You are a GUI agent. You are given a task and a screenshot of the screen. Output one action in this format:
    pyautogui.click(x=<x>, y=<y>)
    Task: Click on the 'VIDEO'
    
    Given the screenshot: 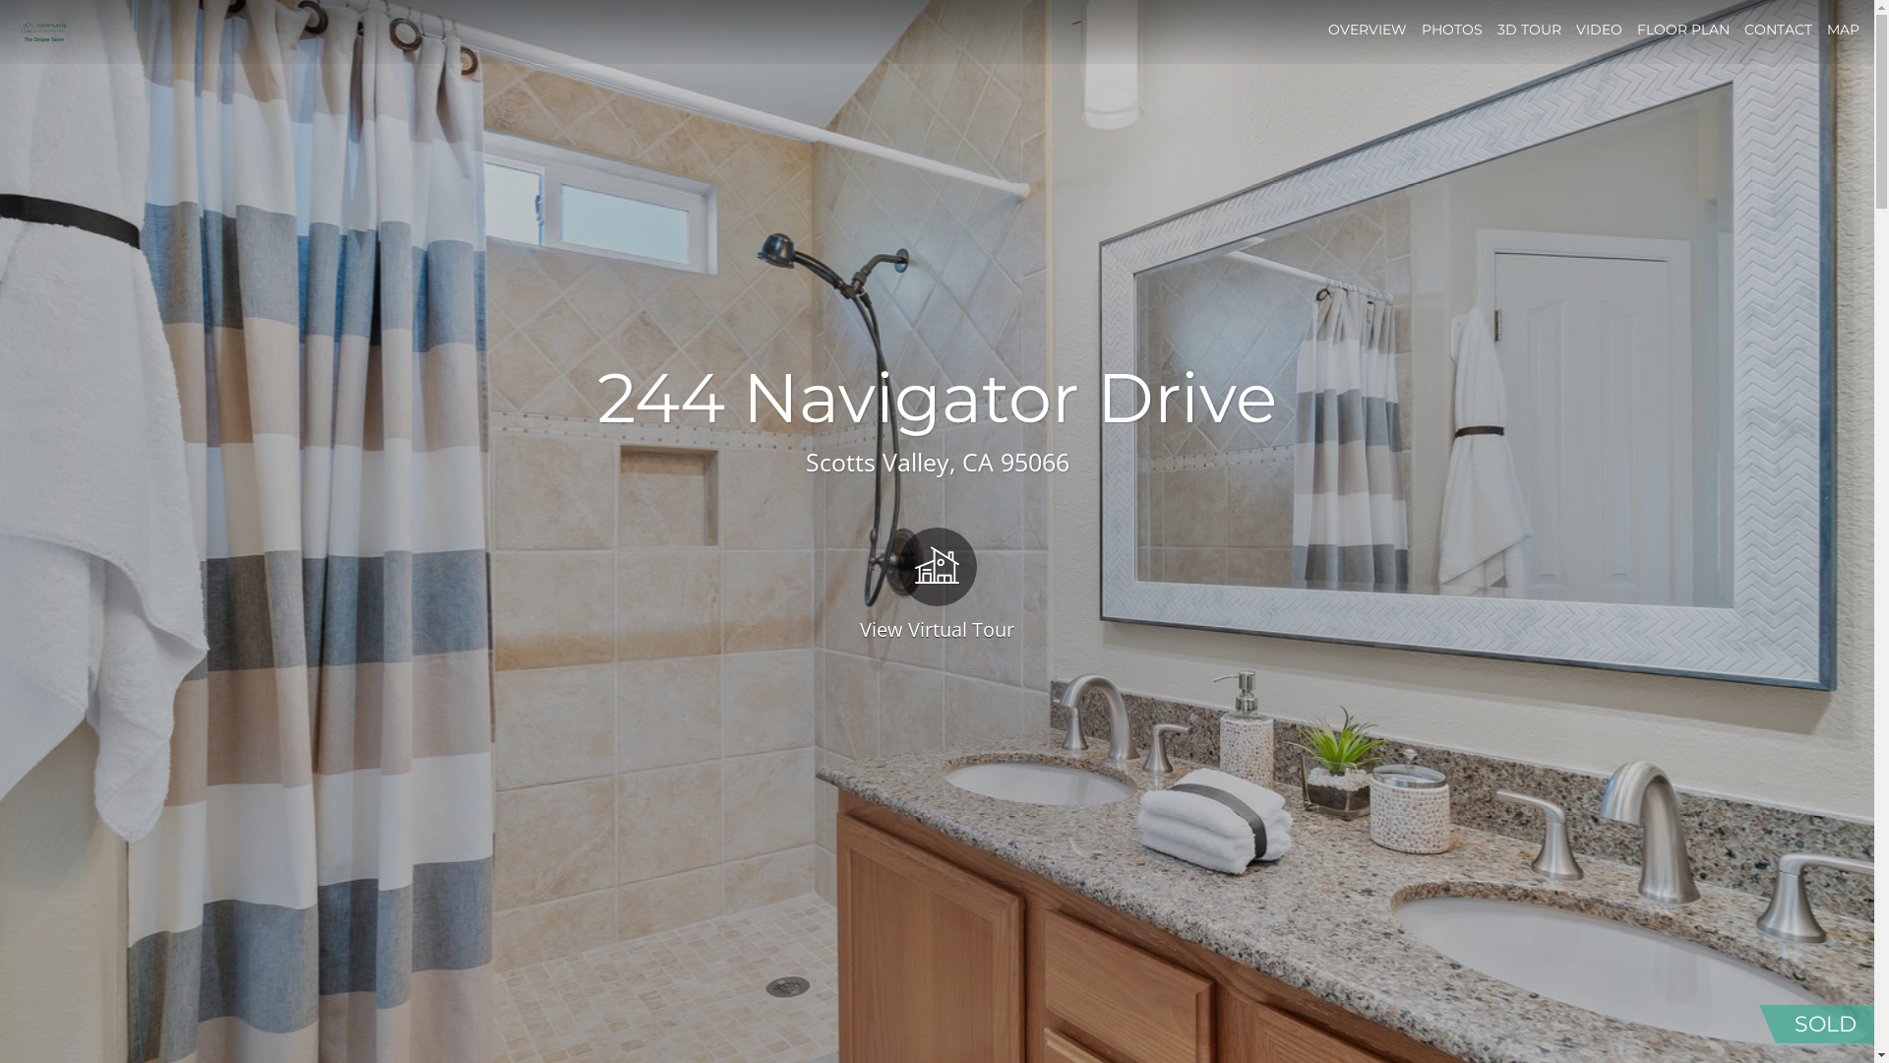 What is the action you would take?
    pyautogui.click(x=1599, y=30)
    